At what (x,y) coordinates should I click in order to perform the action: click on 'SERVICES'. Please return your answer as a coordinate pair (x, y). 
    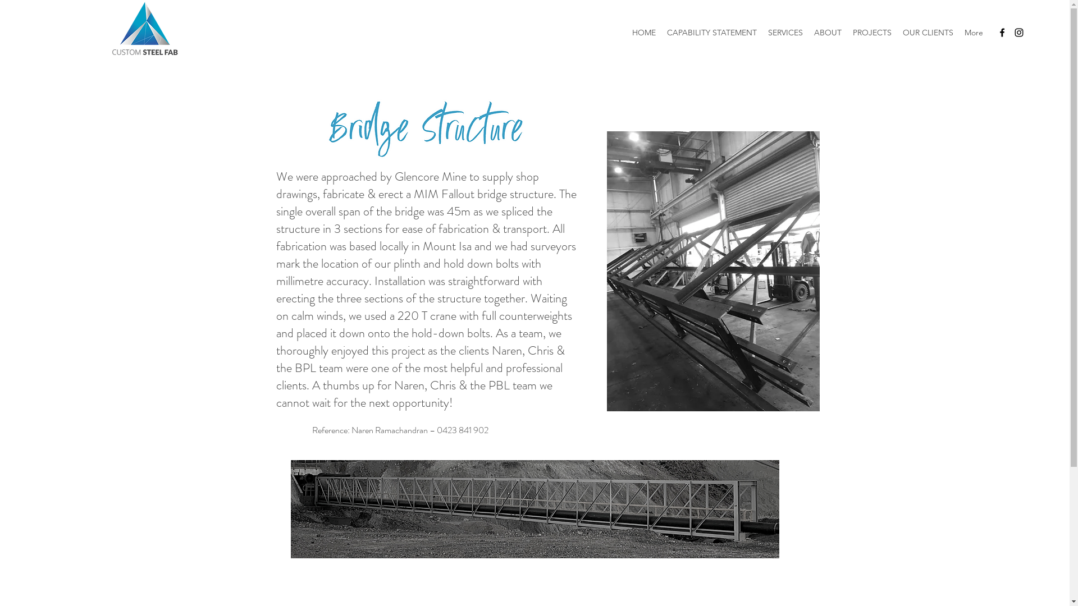
    Looking at the image, I should click on (784, 31).